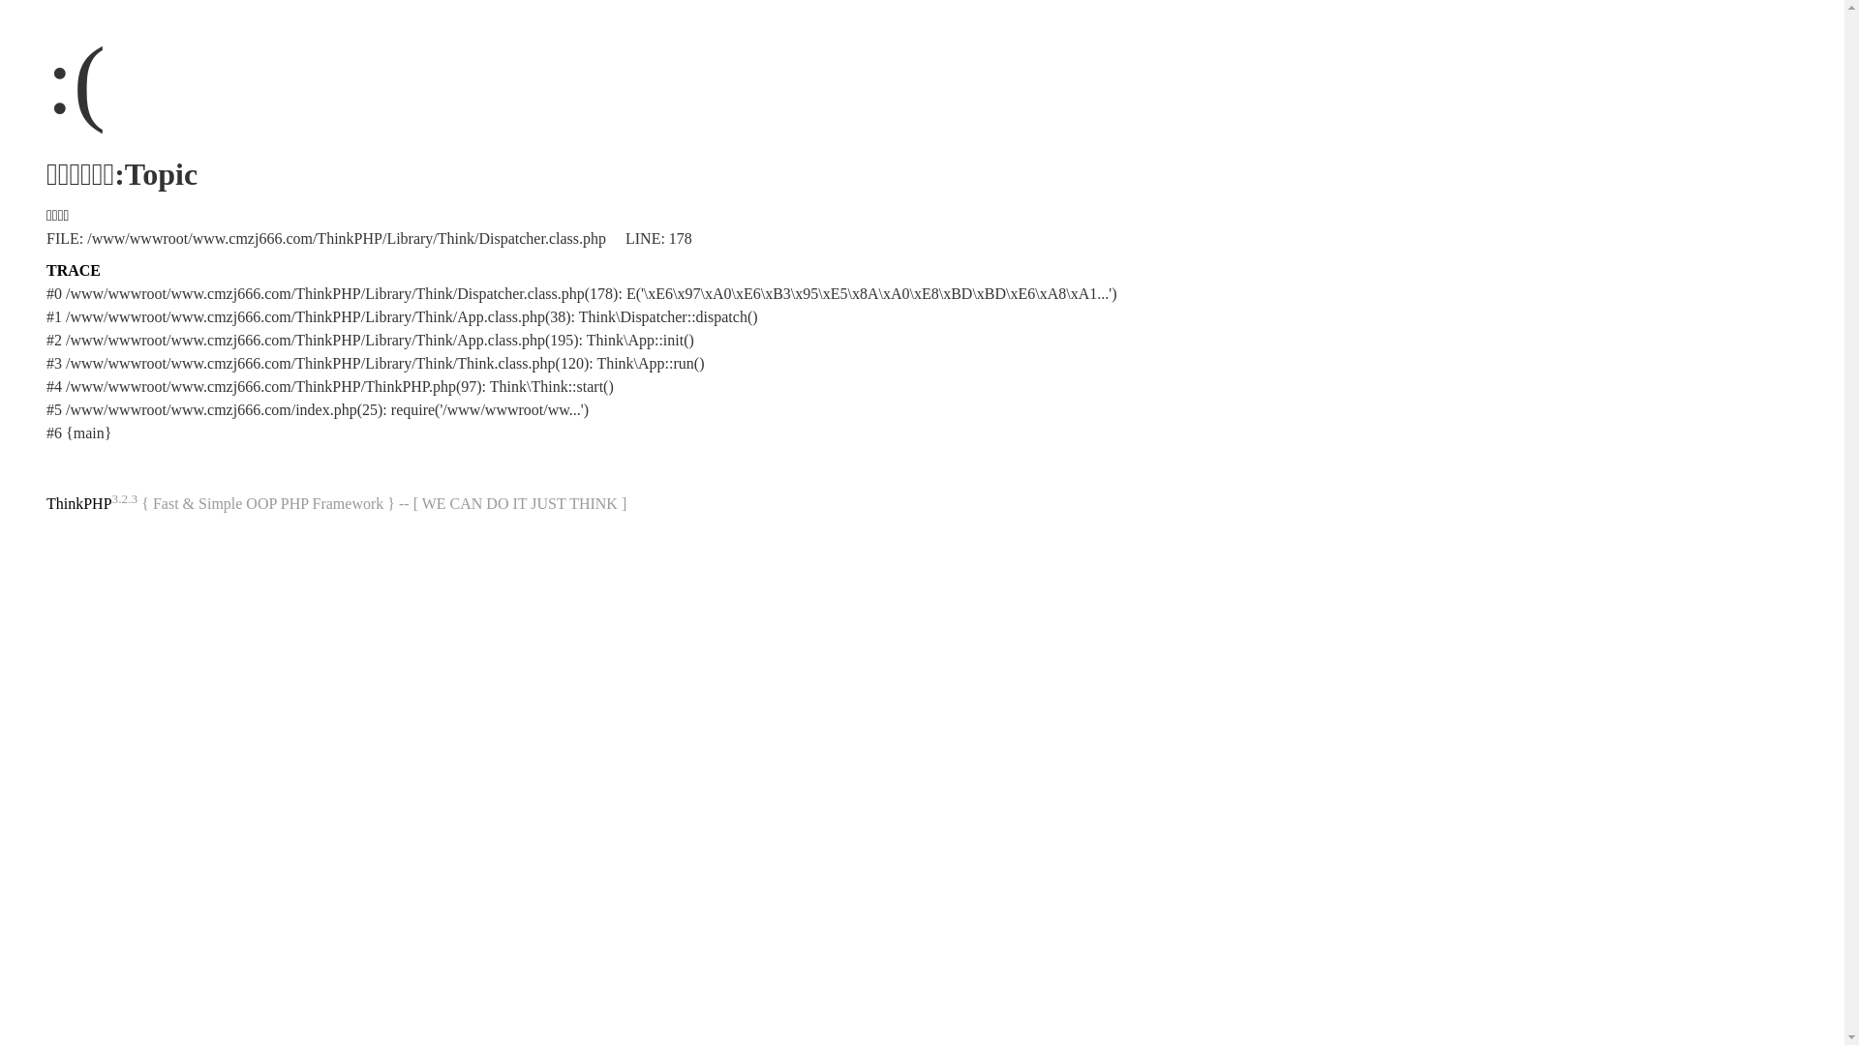 The width and height of the screenshot is (1859, 1045). What do you see at coordinates (77, 502) in the screenshot?
I see `'ThinkPHP'` at bounding box center [77, 502].